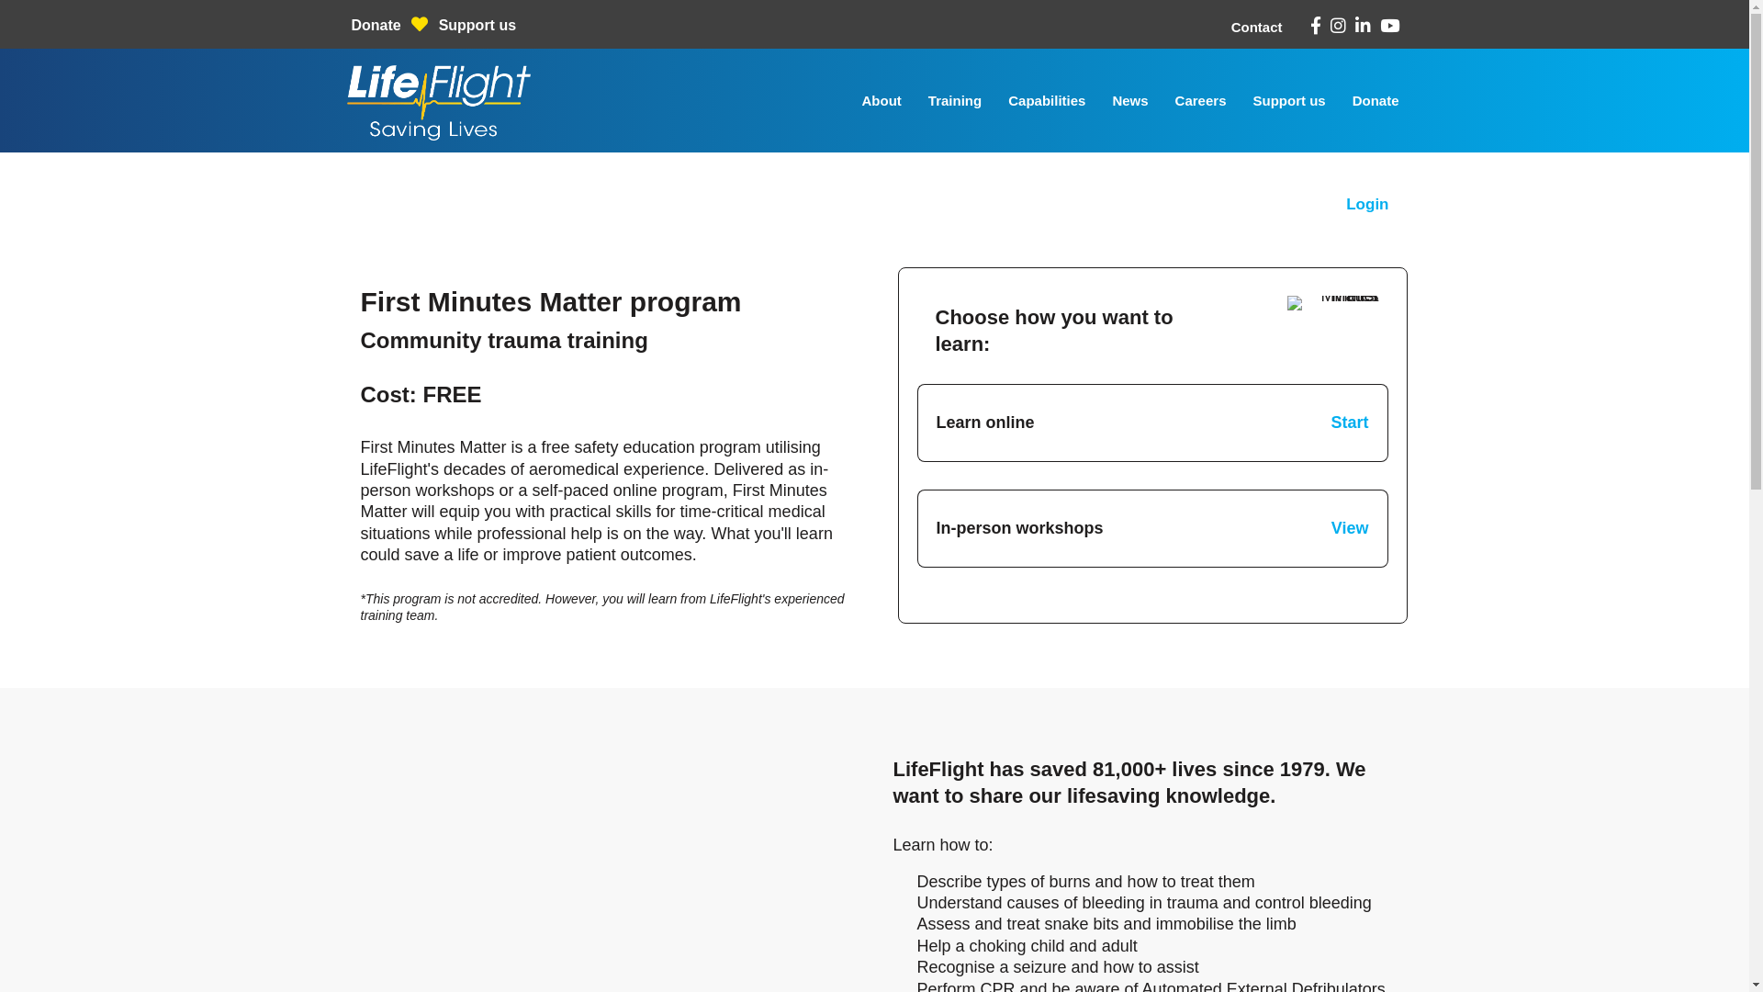  Describe the element at coordinates (477, 25) in the screenshot. I see `'Support us'` at that location.